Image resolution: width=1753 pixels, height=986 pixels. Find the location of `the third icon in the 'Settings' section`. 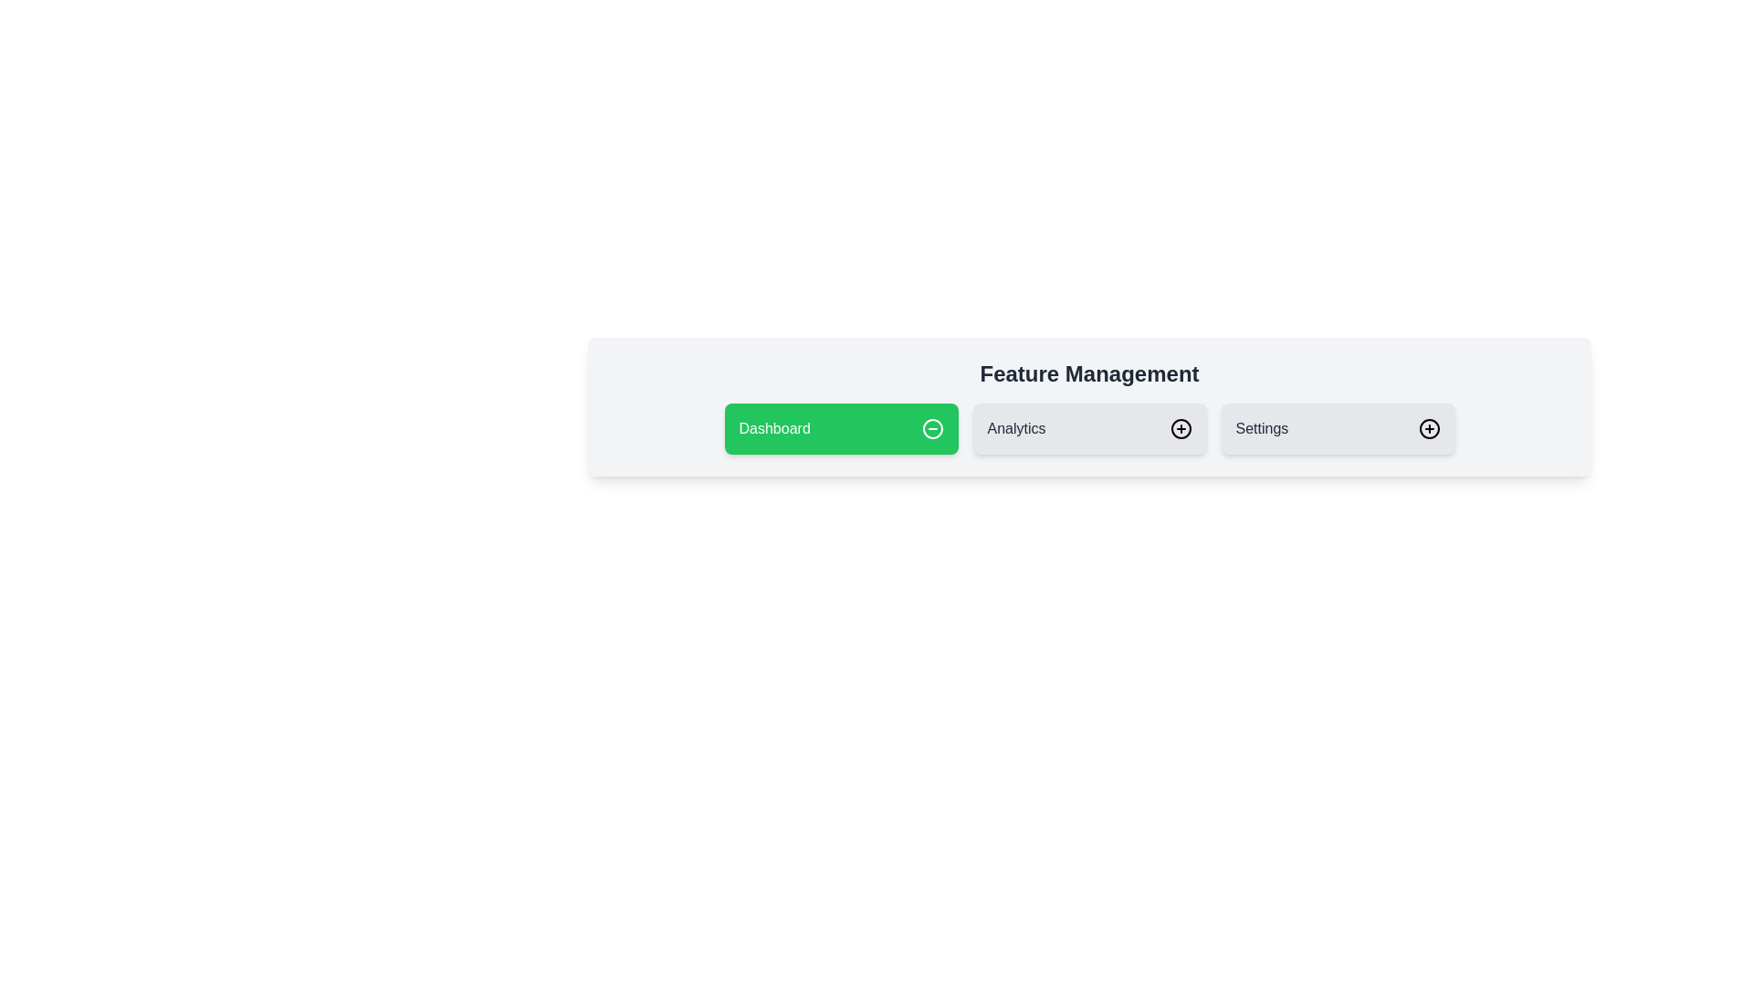

the third icon in the 'Settings' section is located at coordinates (1428, 429).